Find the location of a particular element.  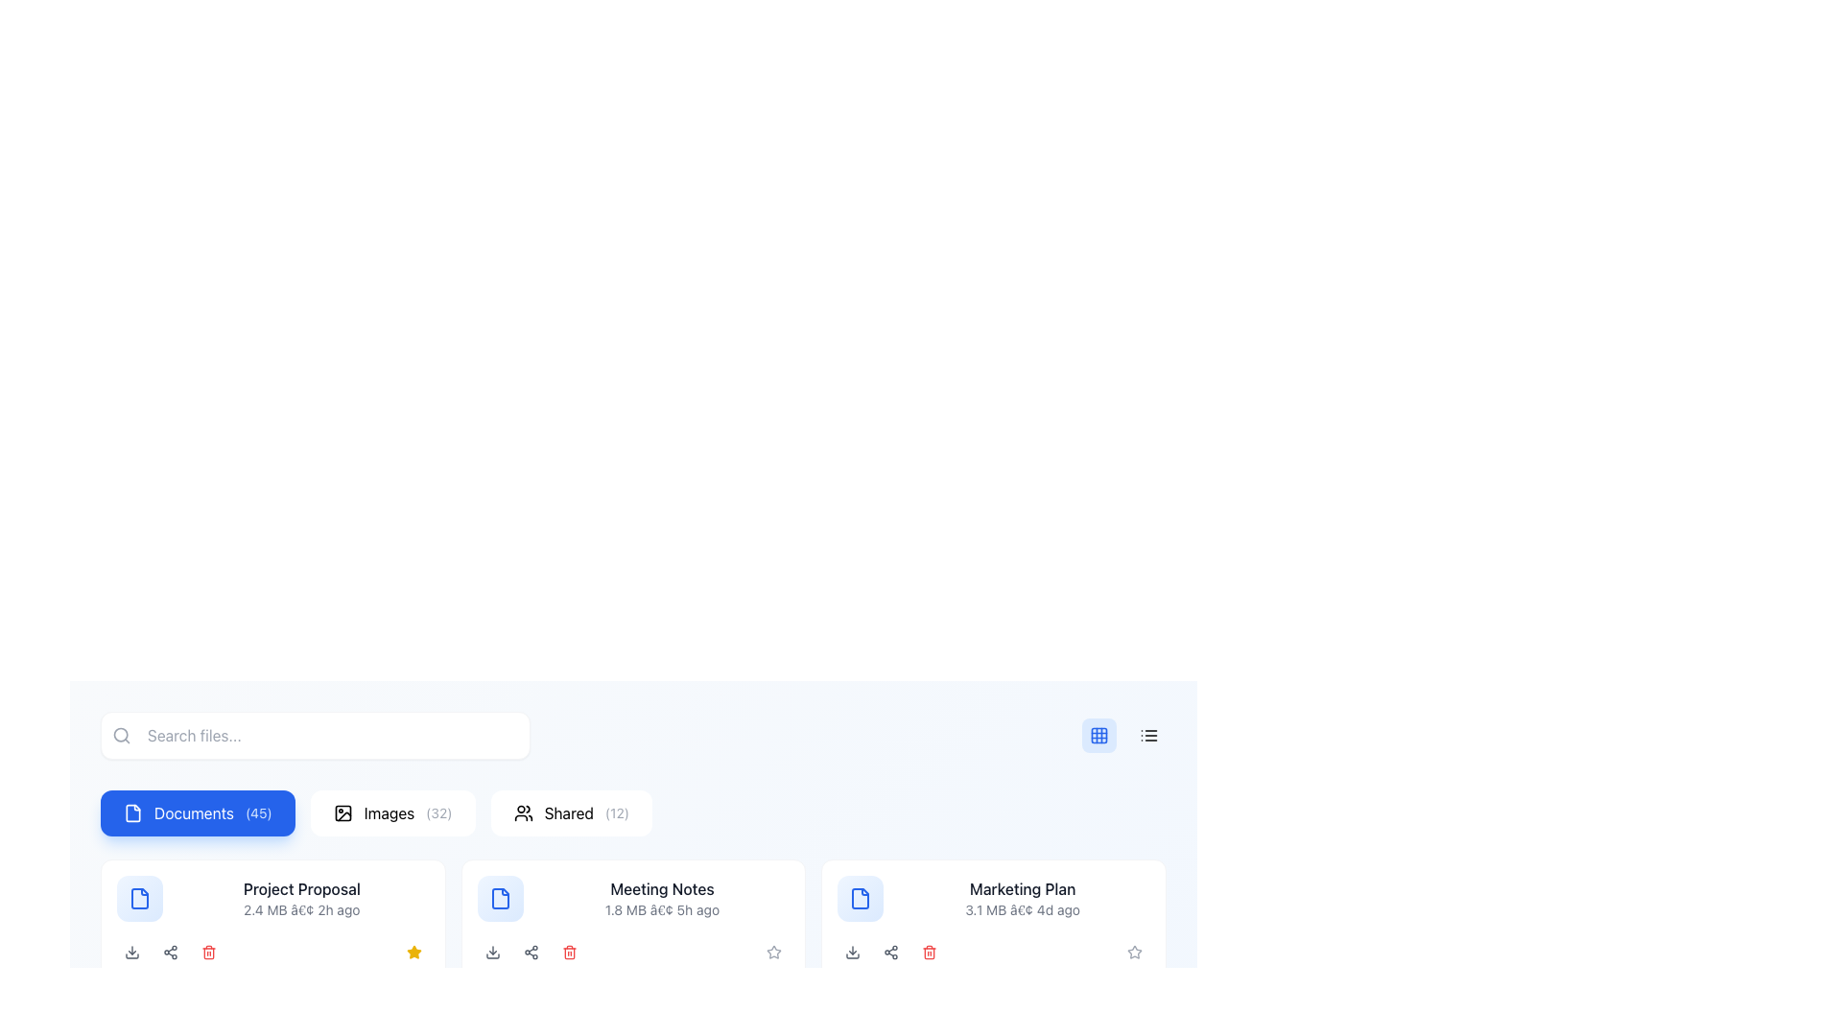

the leftmost button below the 'Meeting Notes' card in the 'Documents' section to download the file is located at coordinates (492, 952).